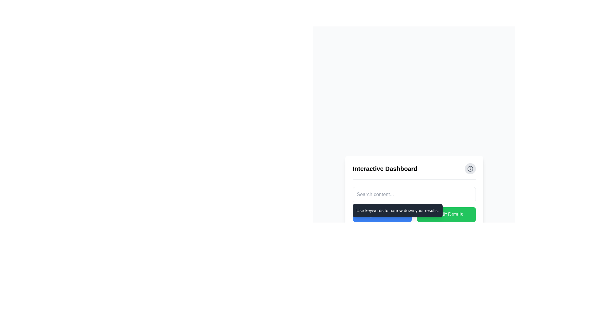  Describe the element at coordinates (451, 214) in the screenshot. I see `the 'Edit Details' text label, which is displayed in white text on a green rounded button` at that location.